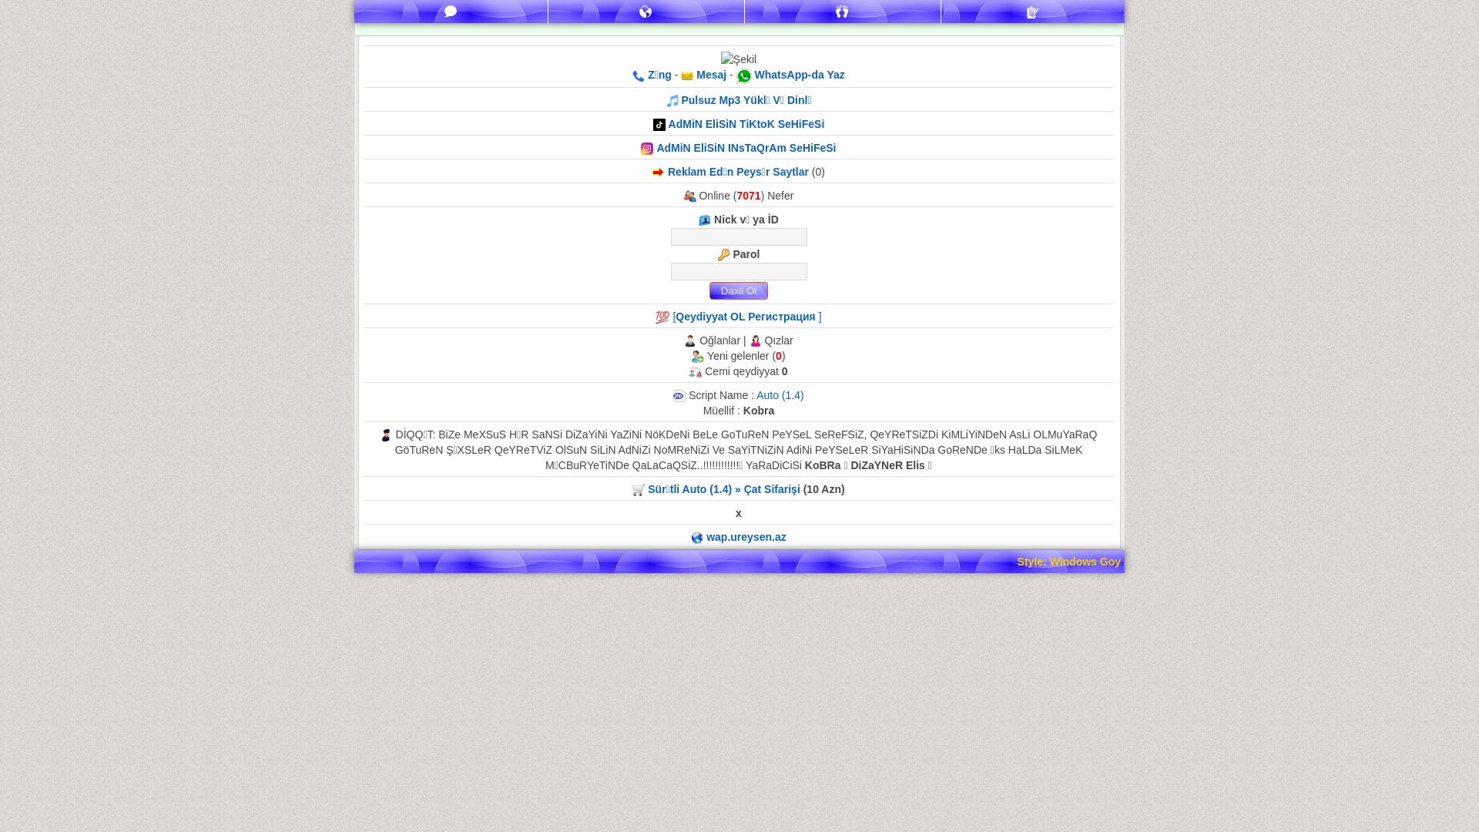  I want to click on 'Mesaj', so click(709, 74).